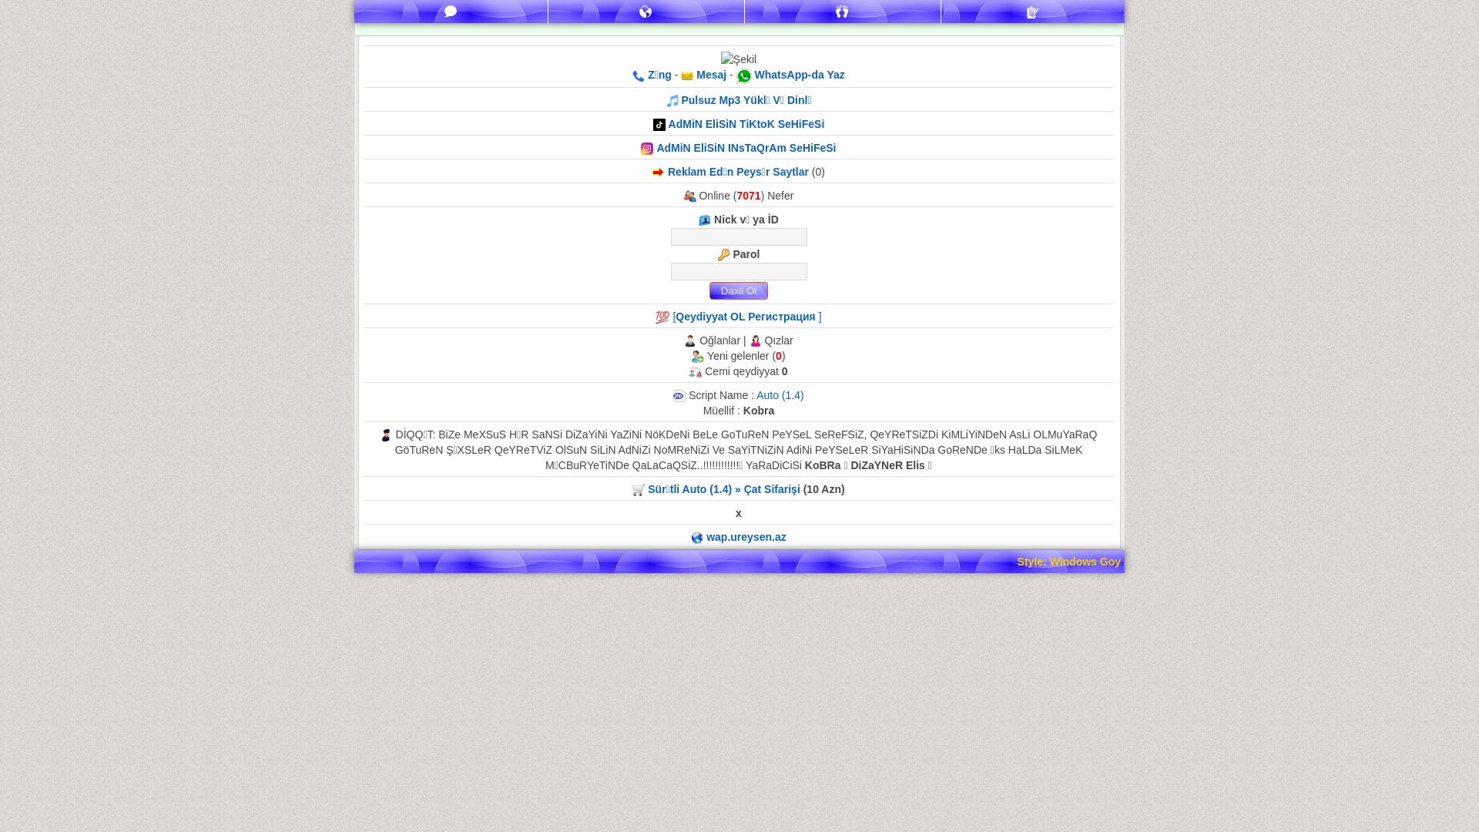  I want to click on 'Mesaj', so click(709, 74).